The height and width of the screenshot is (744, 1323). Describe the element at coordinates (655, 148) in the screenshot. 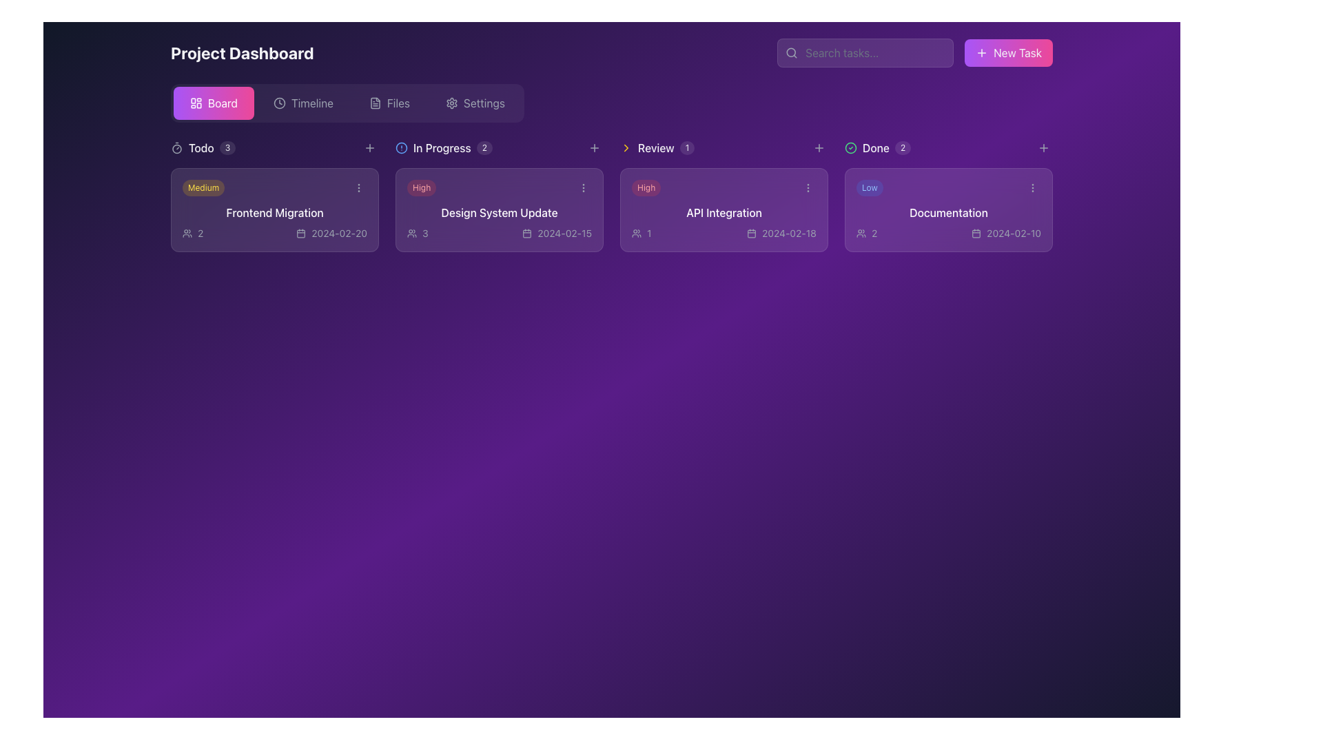

I see `the 'Review' text label that indicates the section in the task management system, located between a yellow arrow icon and a circular label with the number '1'` at that location.